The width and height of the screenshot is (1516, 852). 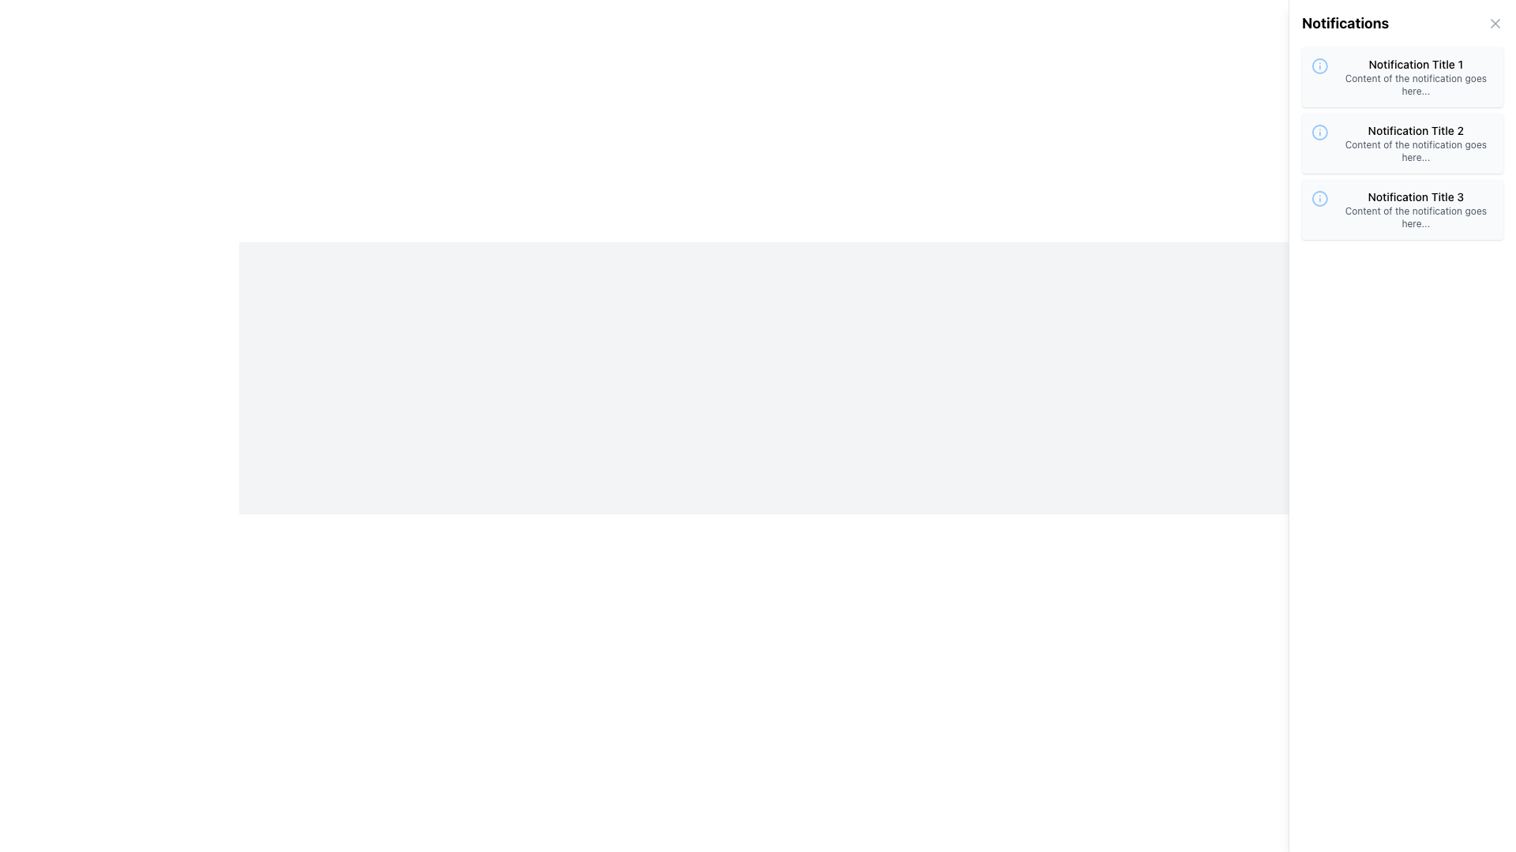 I want to click on the third notification in the notification panel, so click(x=1402, y=209).